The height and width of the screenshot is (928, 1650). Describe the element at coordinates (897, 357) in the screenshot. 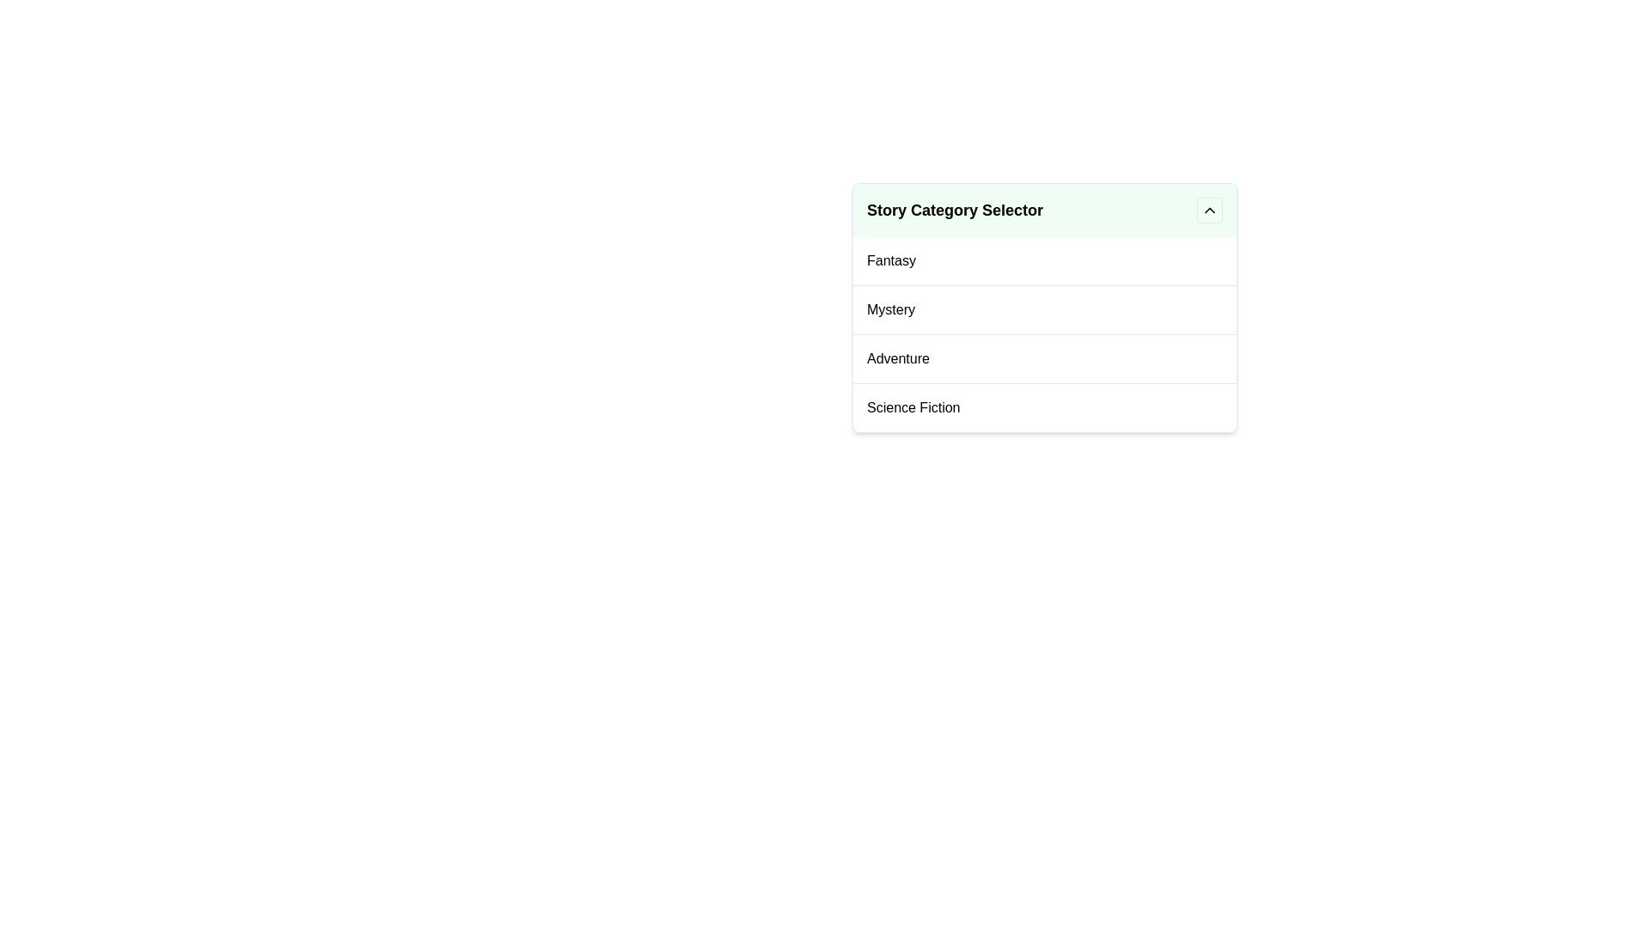

I see `the label displaying 'Adventure' in a vertical list of category options` at that location.